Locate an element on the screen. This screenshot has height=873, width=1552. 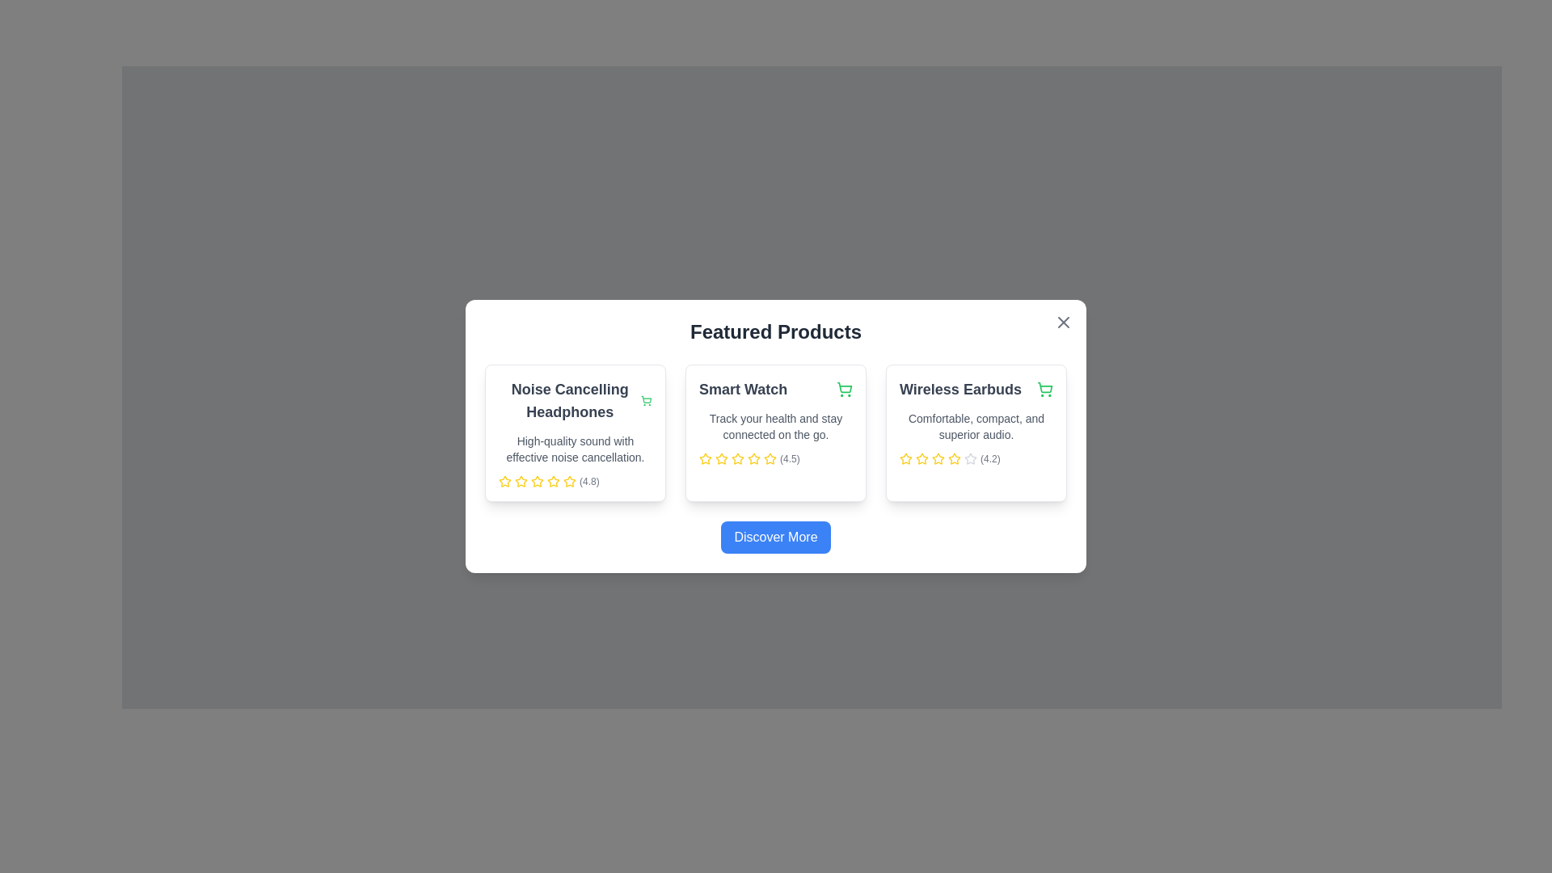
the first star in the star rating icon row for the Wireless Earbuds, which visually represents the rating value is located at coordinates (906, 458).